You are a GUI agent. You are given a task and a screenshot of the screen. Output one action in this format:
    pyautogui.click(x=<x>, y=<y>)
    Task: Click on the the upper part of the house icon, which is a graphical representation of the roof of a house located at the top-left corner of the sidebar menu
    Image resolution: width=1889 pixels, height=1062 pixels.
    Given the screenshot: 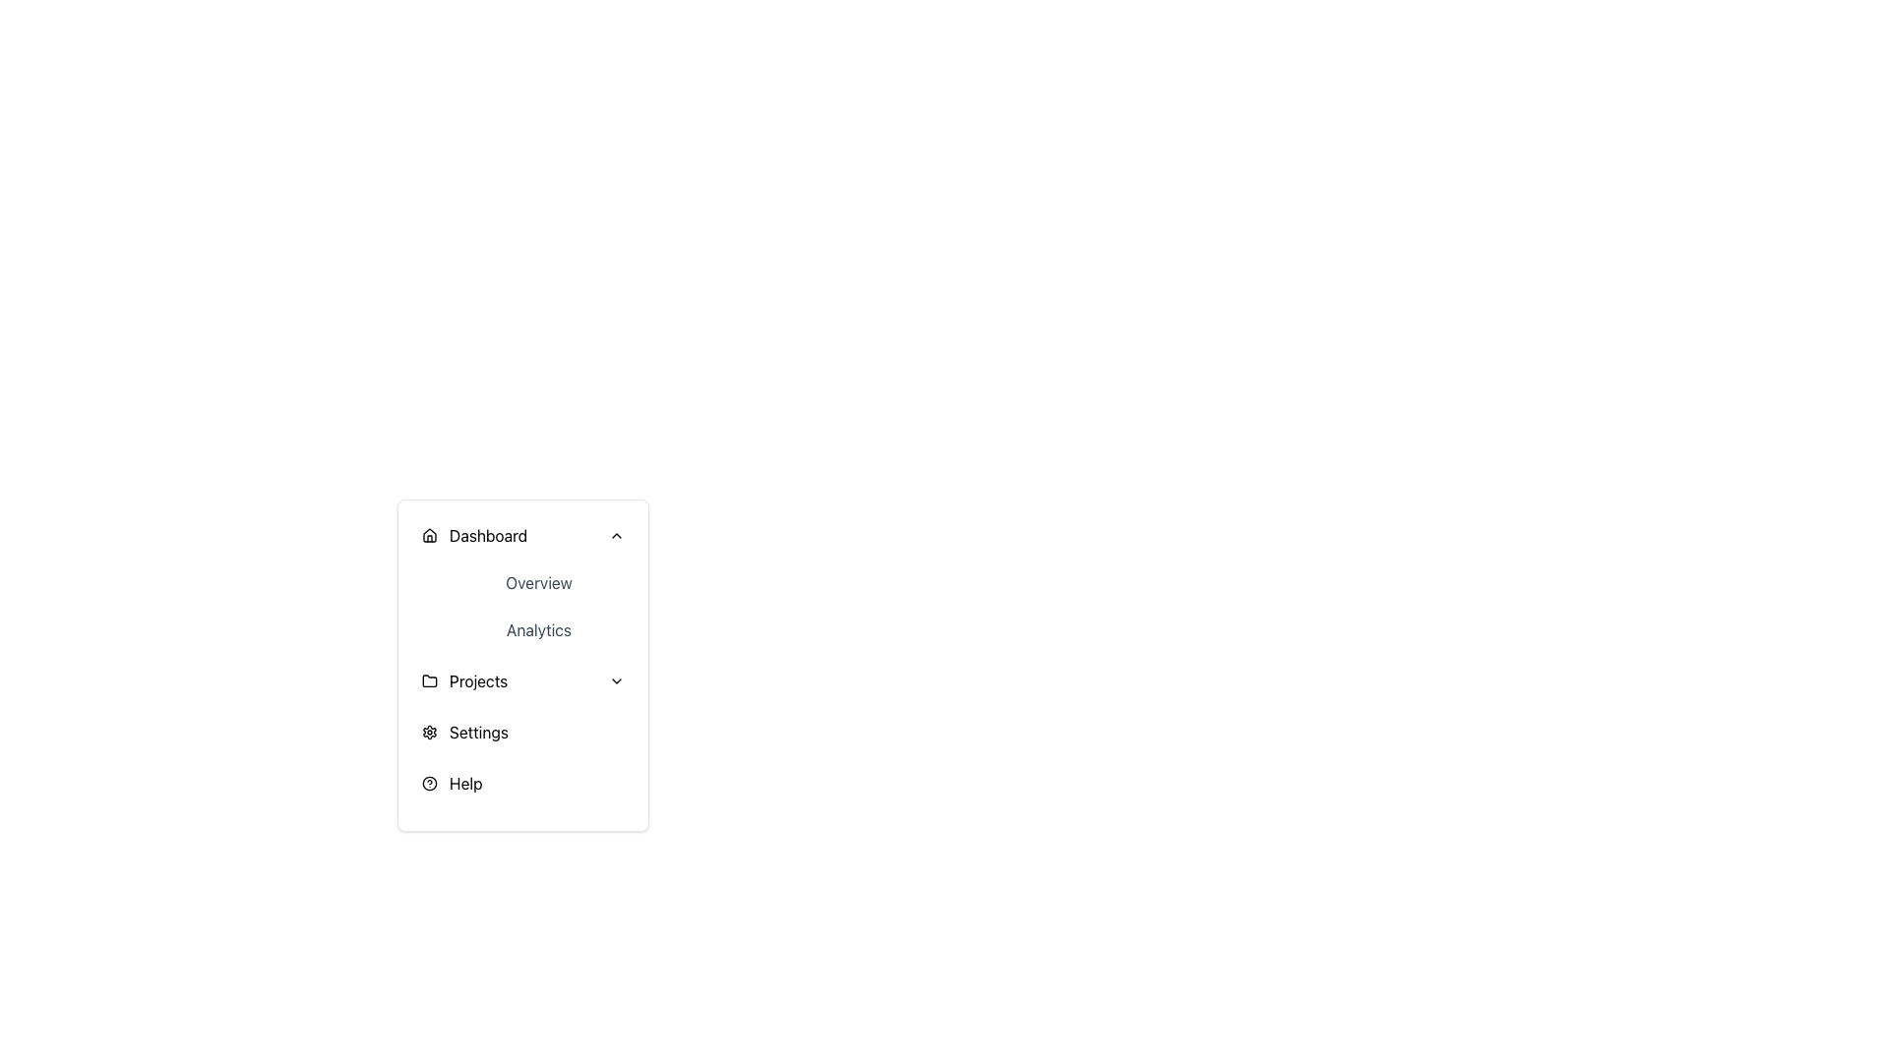 What is the action you would take?
    pyautogui.click(x=428, y=534)
    